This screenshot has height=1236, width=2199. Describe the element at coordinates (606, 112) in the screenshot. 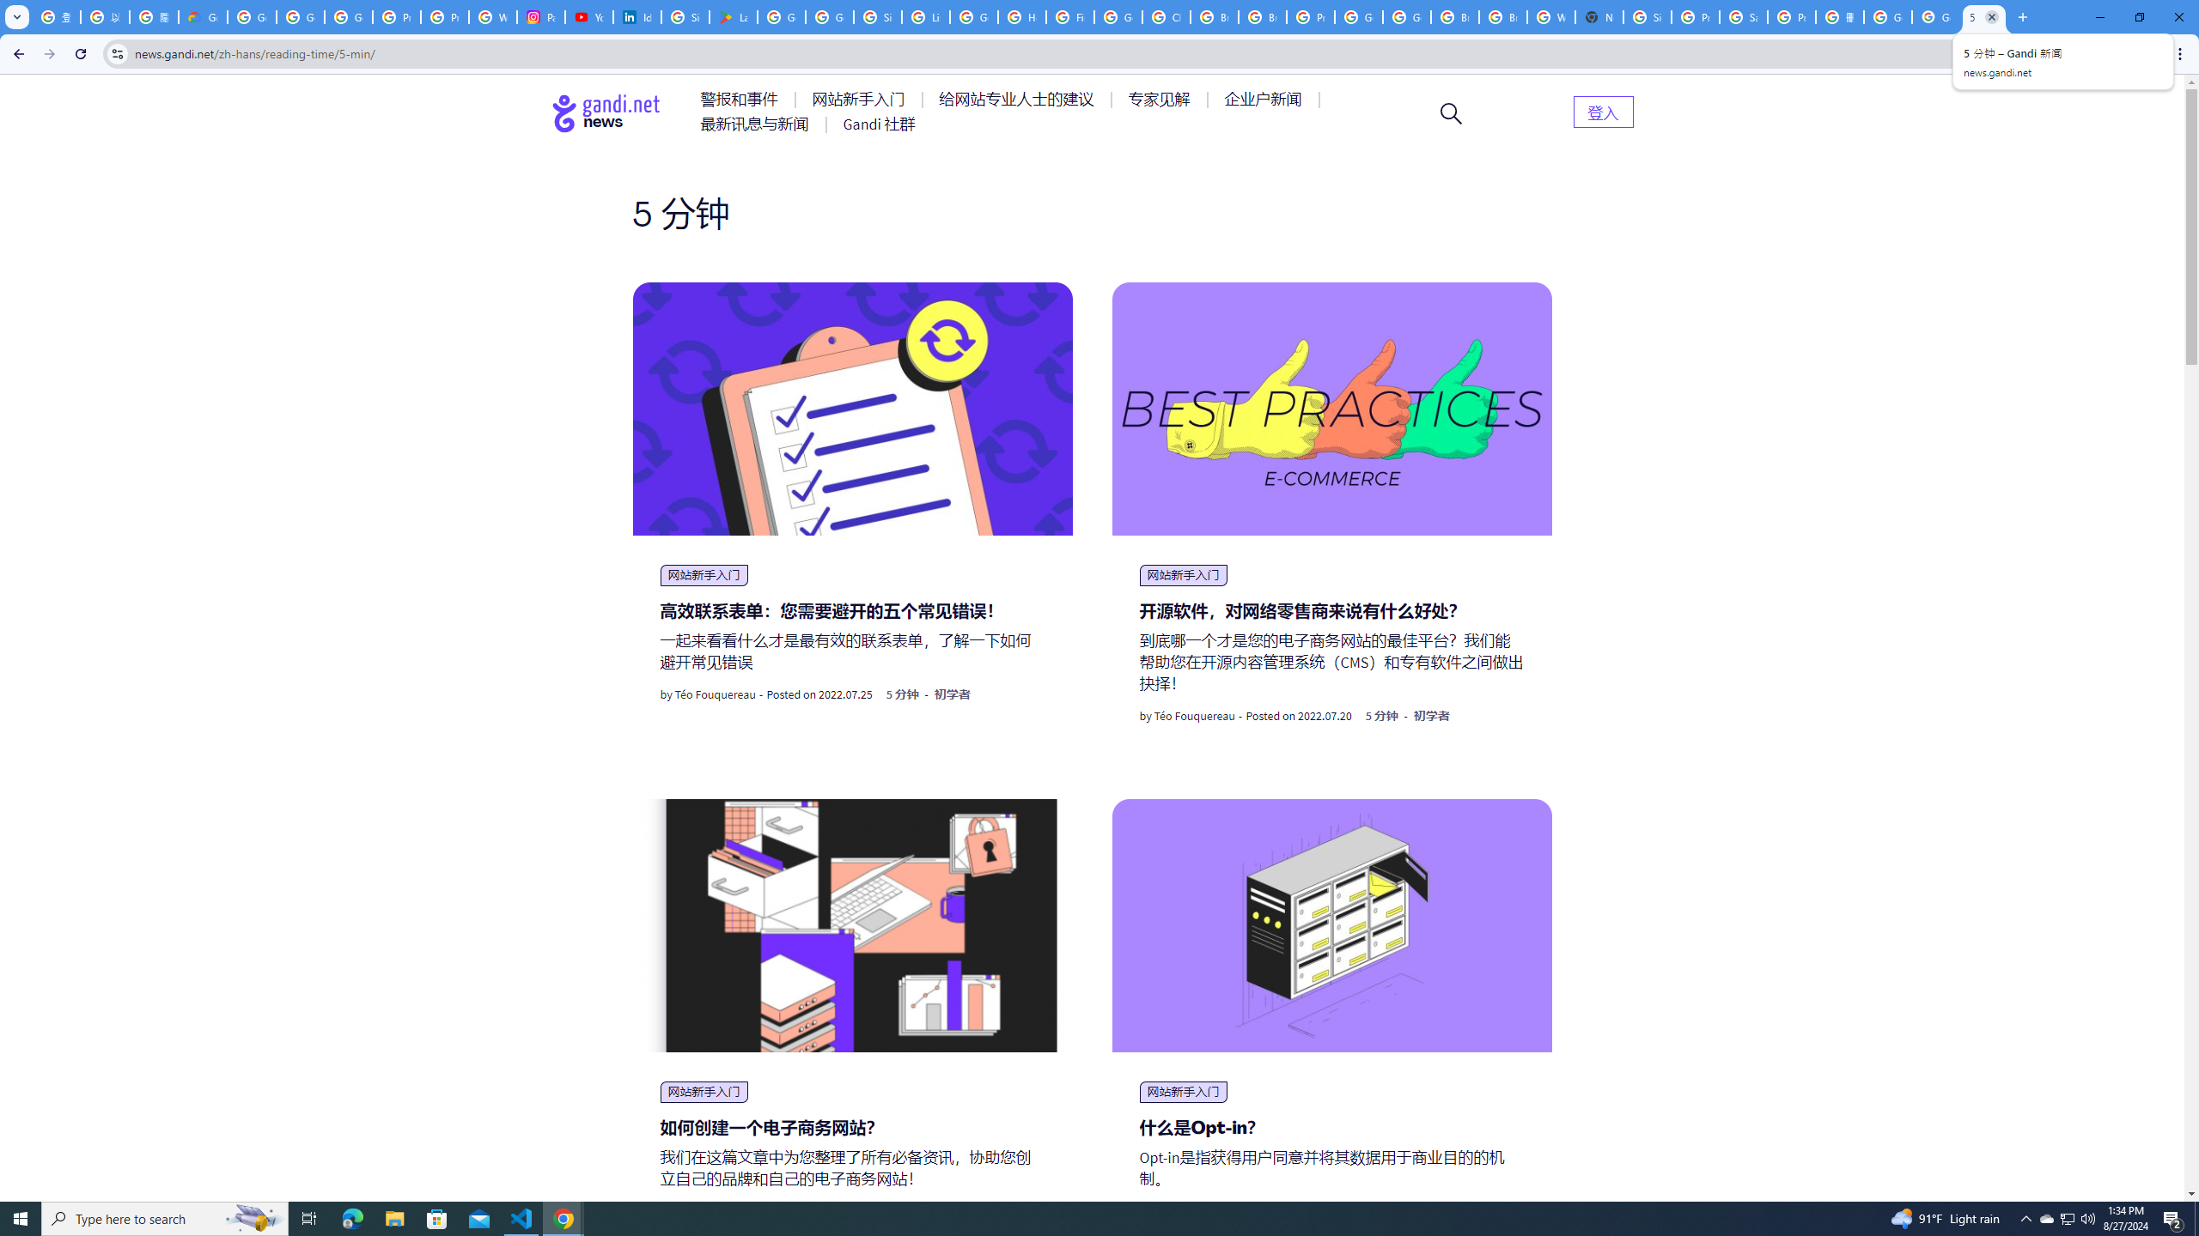

I see `'Go to home'` at that location.